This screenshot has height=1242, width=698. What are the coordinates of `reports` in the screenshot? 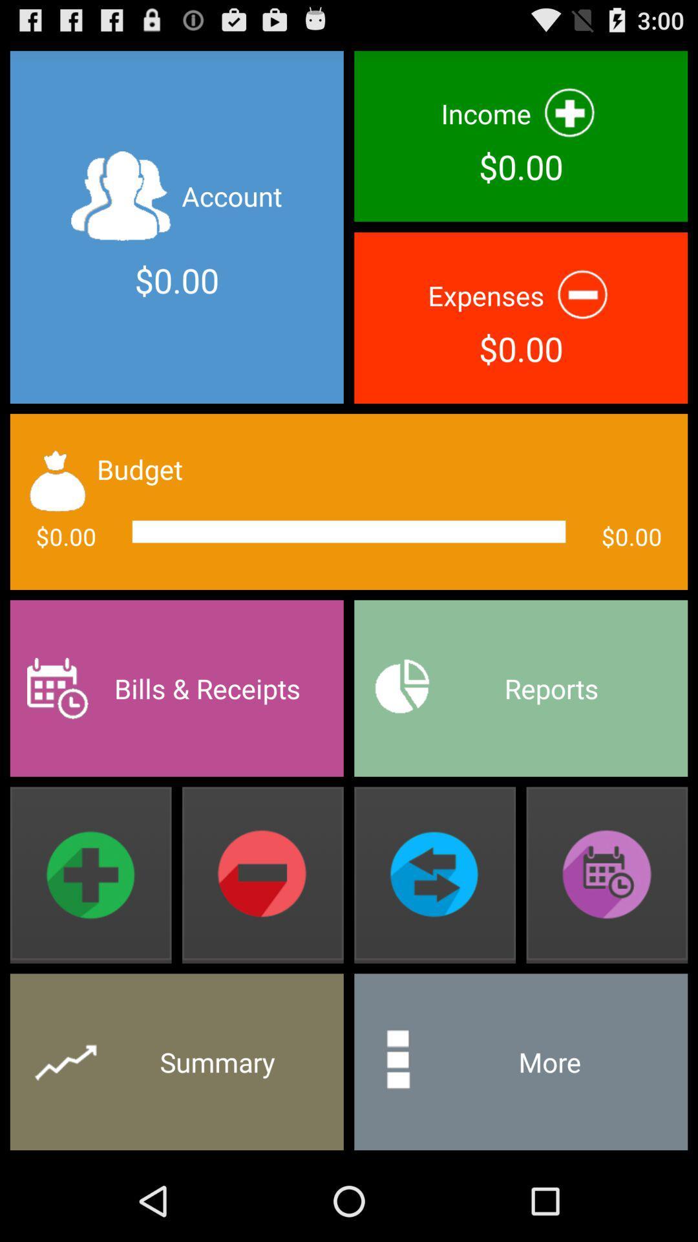 It's located at (520, 688).